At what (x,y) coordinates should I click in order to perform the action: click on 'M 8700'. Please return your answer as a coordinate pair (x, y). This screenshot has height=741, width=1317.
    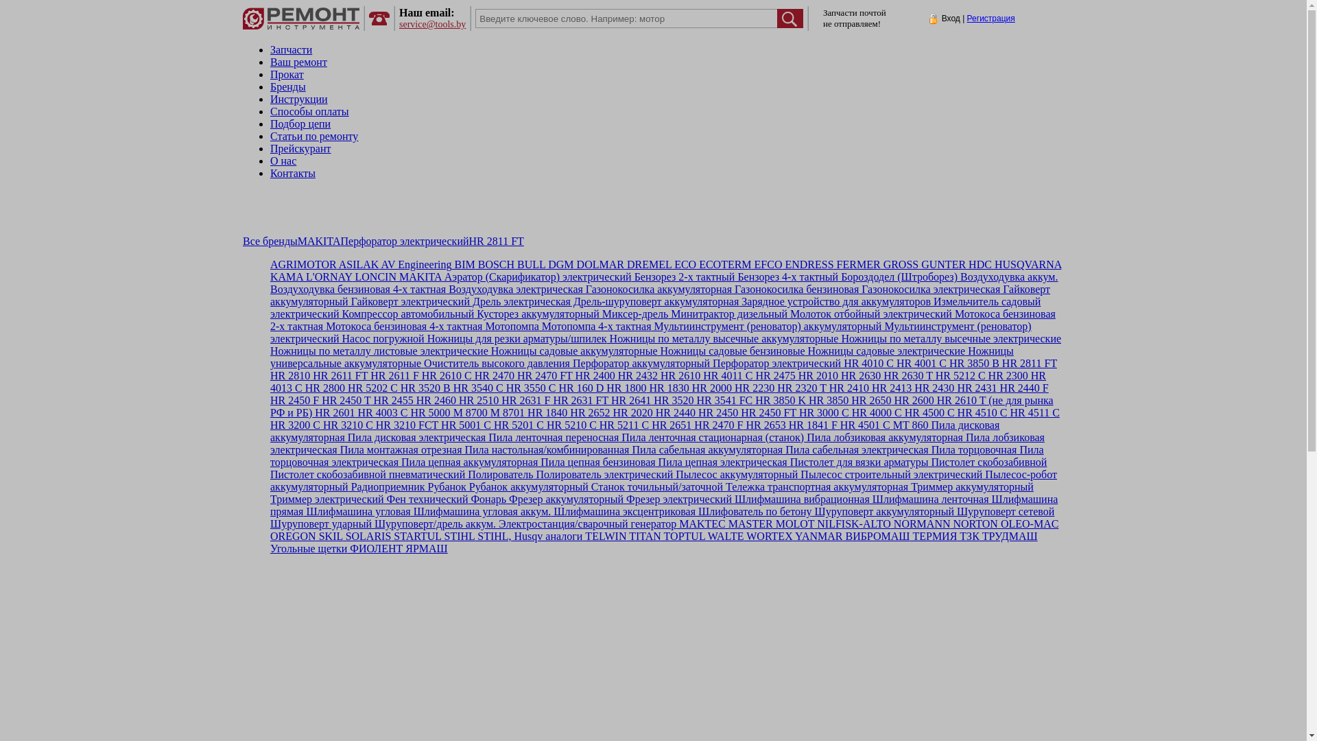
    Looking at the image, I should click on (468, 412).